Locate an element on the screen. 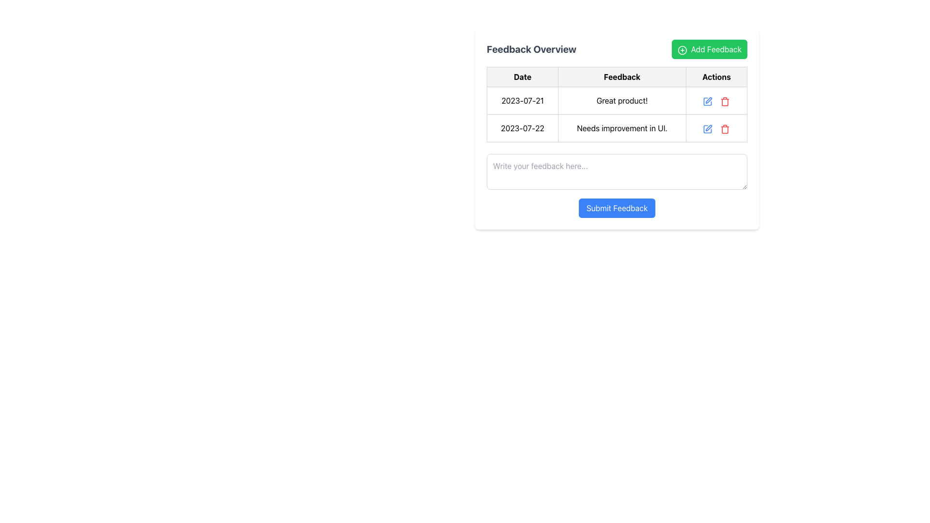 The height and width of the screenshot is (523, 930). the table cell containing the feedback text 'Needs improvement in UI.' in the 'Feedback Overview' table, located in the second row under the 'Feedback' column is located at coordinates (616, 128).